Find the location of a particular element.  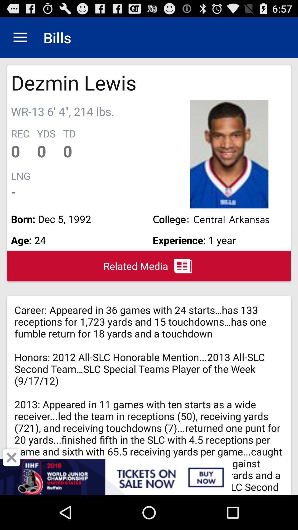

close is located at coordinates (12, 457).